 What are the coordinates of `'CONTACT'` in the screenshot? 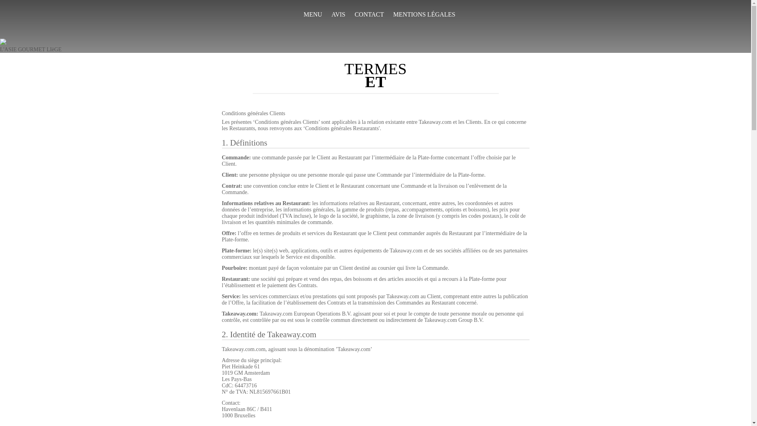 It's located at (369, 15).